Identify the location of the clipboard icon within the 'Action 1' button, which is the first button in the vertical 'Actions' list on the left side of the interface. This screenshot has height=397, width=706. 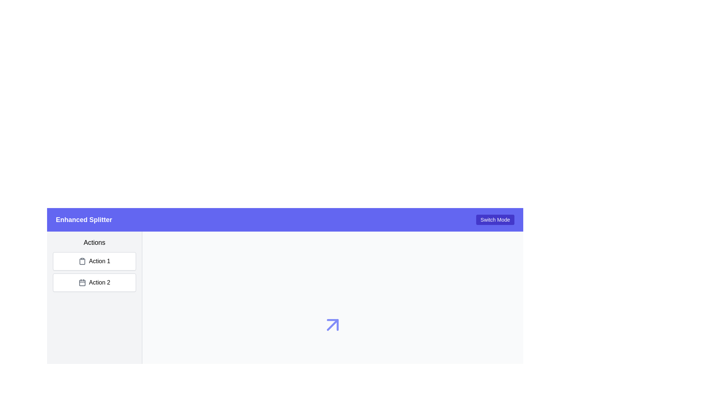
(82, 261).